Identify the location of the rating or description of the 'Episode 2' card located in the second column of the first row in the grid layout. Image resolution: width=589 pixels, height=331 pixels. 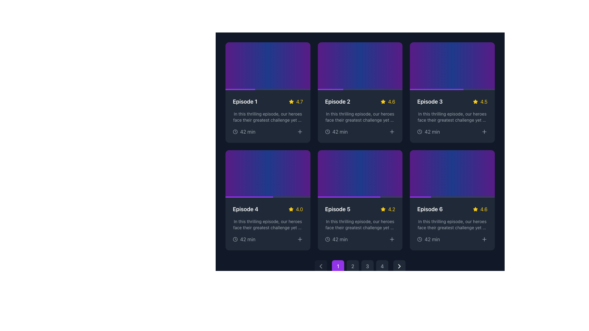
(360, 116).